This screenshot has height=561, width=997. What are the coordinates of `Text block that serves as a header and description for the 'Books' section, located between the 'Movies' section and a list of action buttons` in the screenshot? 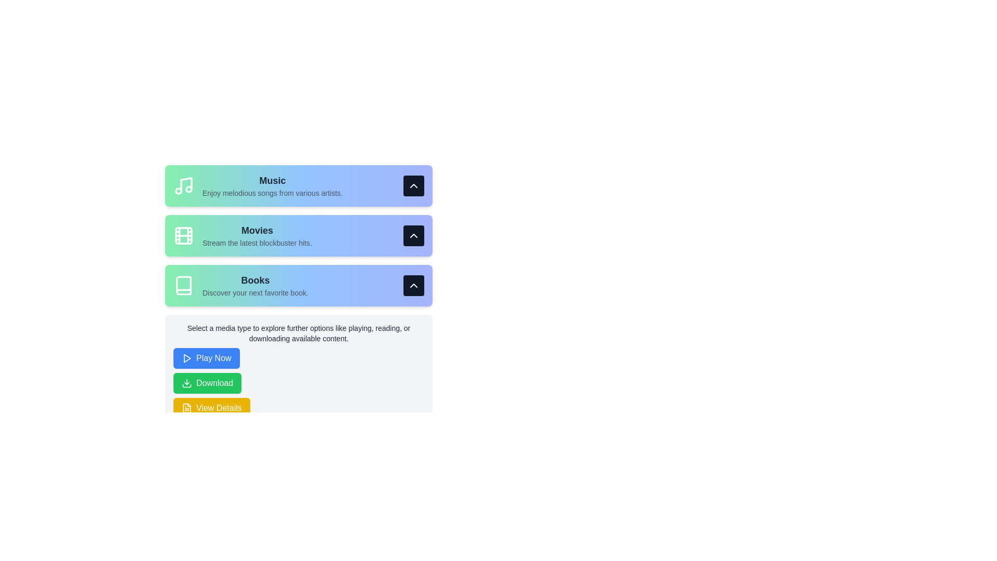 It's located at (255, 286).